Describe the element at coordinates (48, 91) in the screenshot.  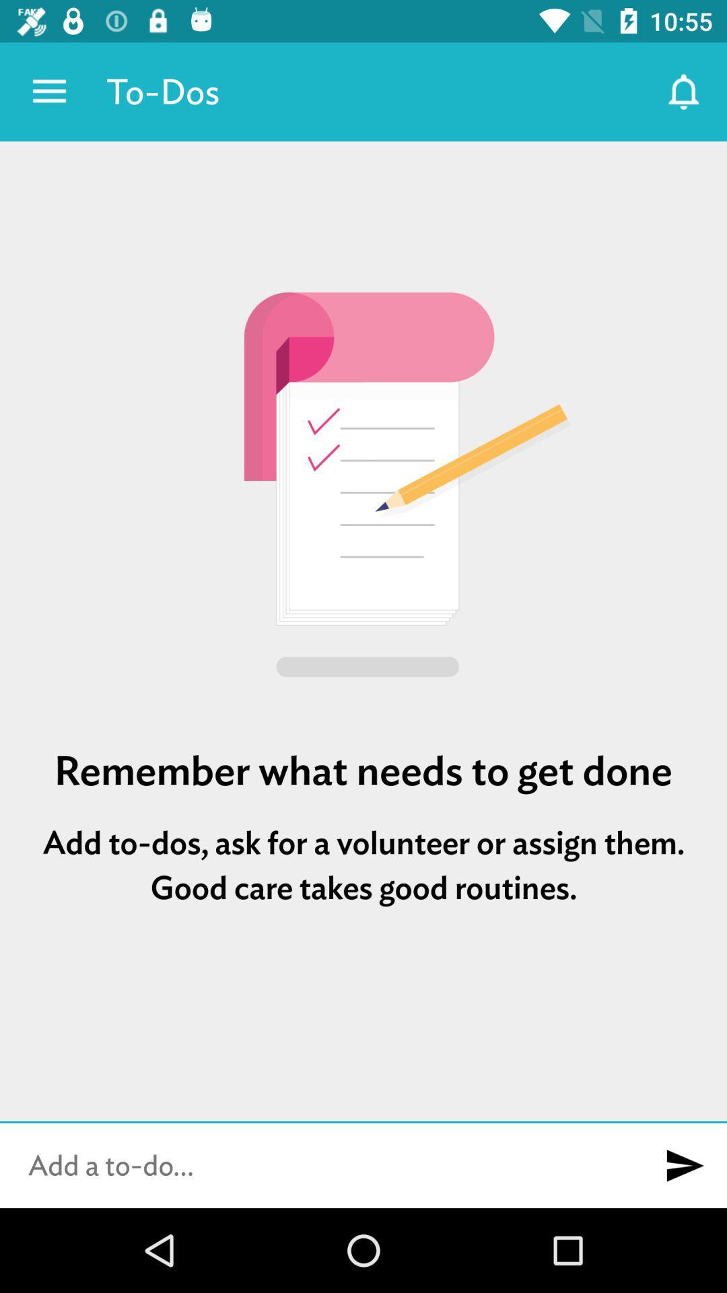
I see `the app next to the to-dos item` at that location.